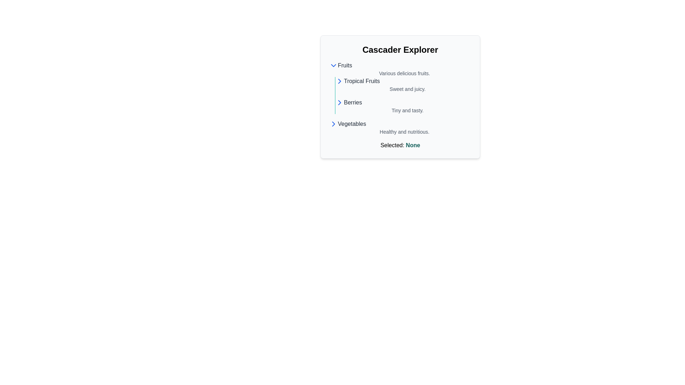 This screenshot has height=385, width=685. Describe the element at coordinates (339, 81) in the screenshot. I see `the right-facing chevron icon located to the left of the 'Tropical Fruits' text` at that location.